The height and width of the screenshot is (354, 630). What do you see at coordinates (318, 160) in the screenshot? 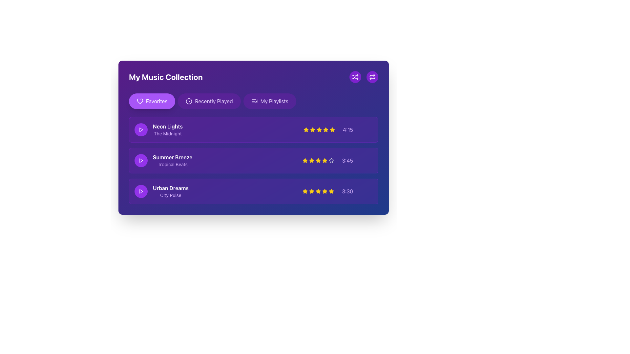
I see `the third star in the 5-star rating system for the 'Summer Breeze' song, represented by the Rating Star Icon` at bounding box center [318, 160].